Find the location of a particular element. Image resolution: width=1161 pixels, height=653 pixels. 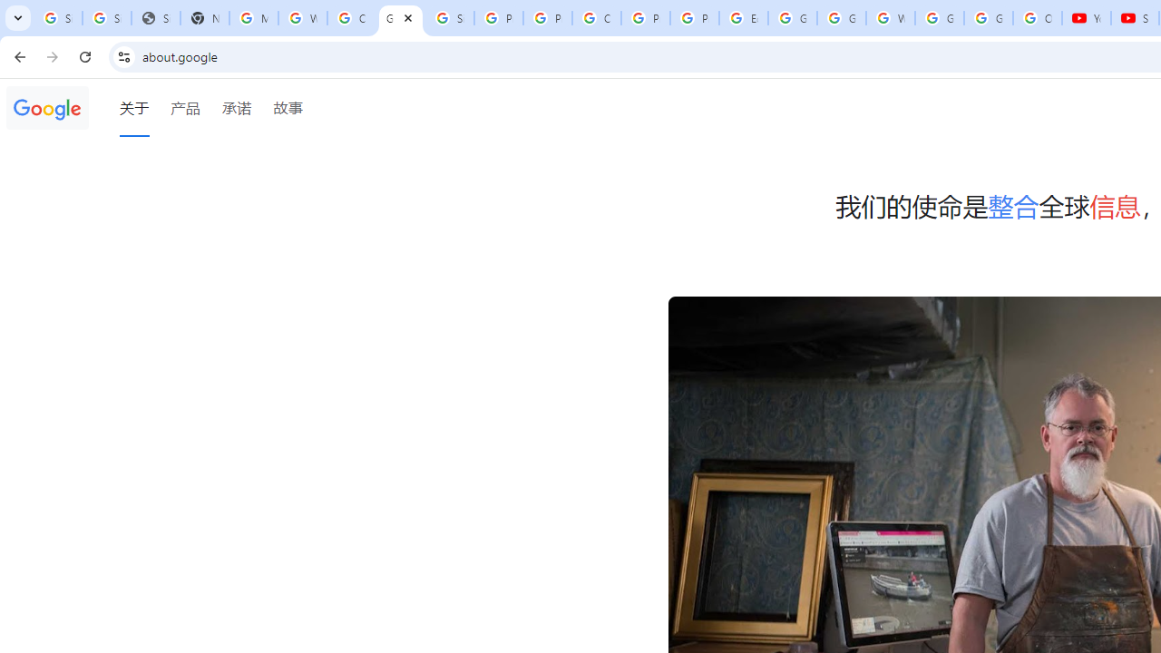

'Edit and view right-to-left text - Google Docs Editors Help' is located at coordinates (743, 18).